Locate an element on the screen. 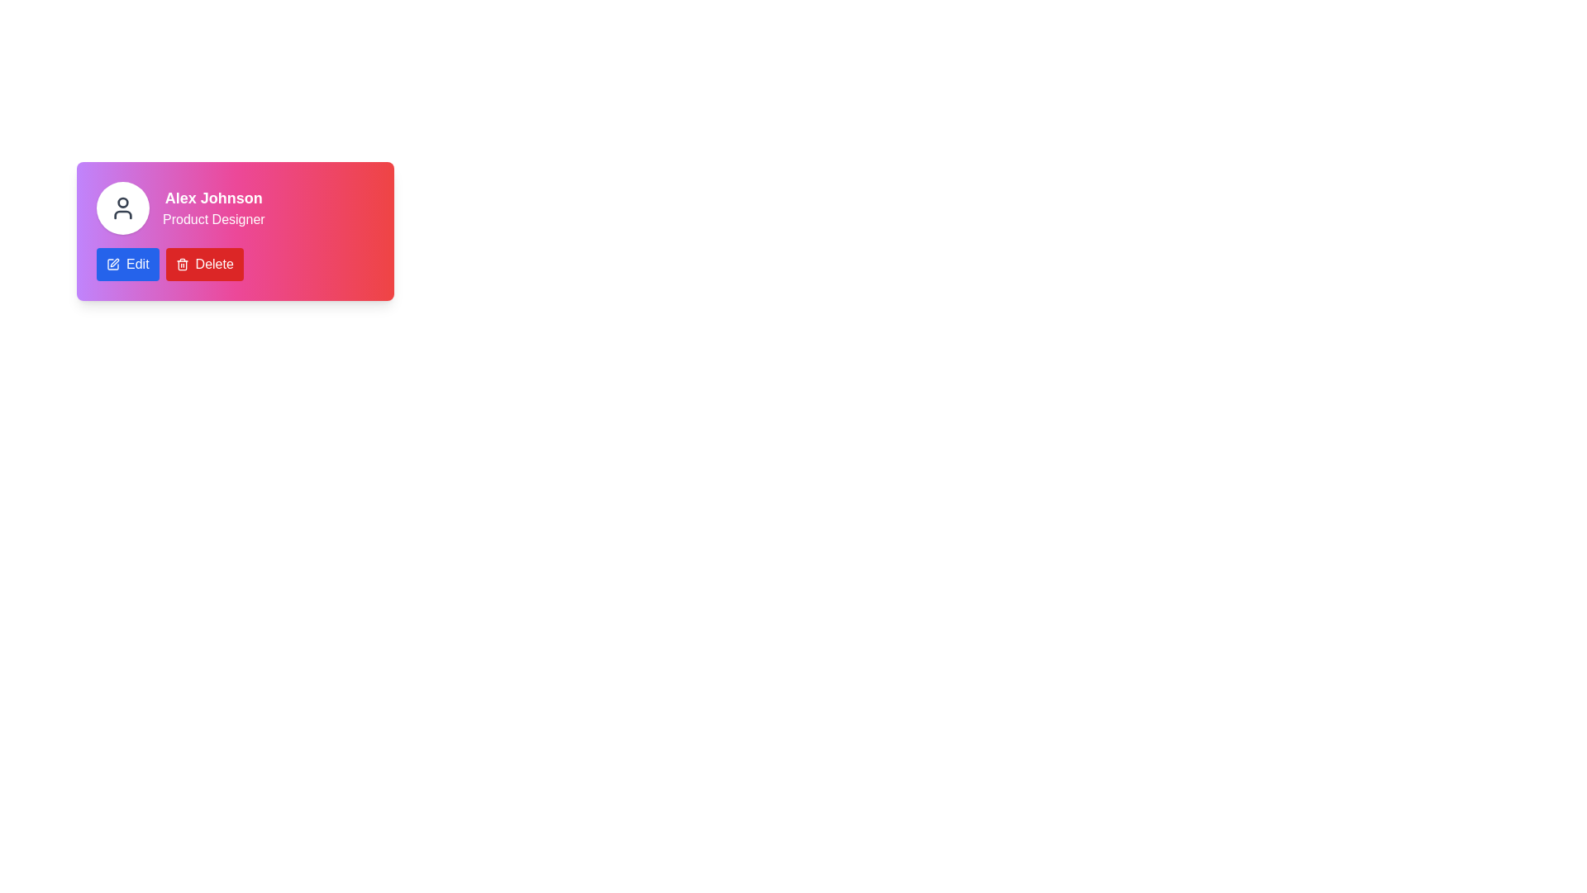 This screenshot has width=1587, height=893. the user profile icon located at the top-left portion of the card for potential interactions associated with the profile of 'Alex Johnson' is located at coordinates (122, 207).